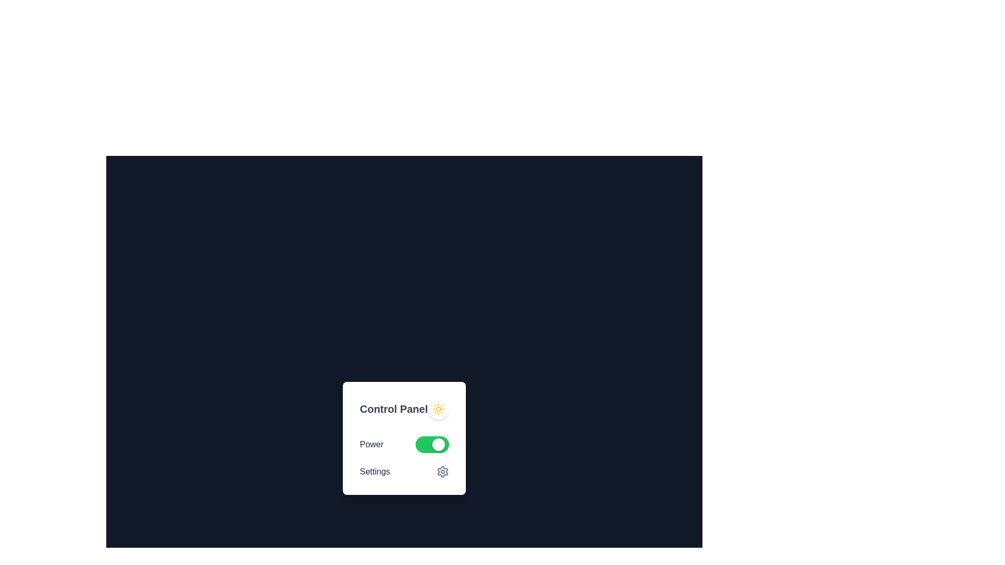 This screenshot has width=1005, height=565. Describe the element at coordinates (438, 409) in the screenshot. I see `the sun-like icon, which is centrally placed within a circular button in the control card` at that location.